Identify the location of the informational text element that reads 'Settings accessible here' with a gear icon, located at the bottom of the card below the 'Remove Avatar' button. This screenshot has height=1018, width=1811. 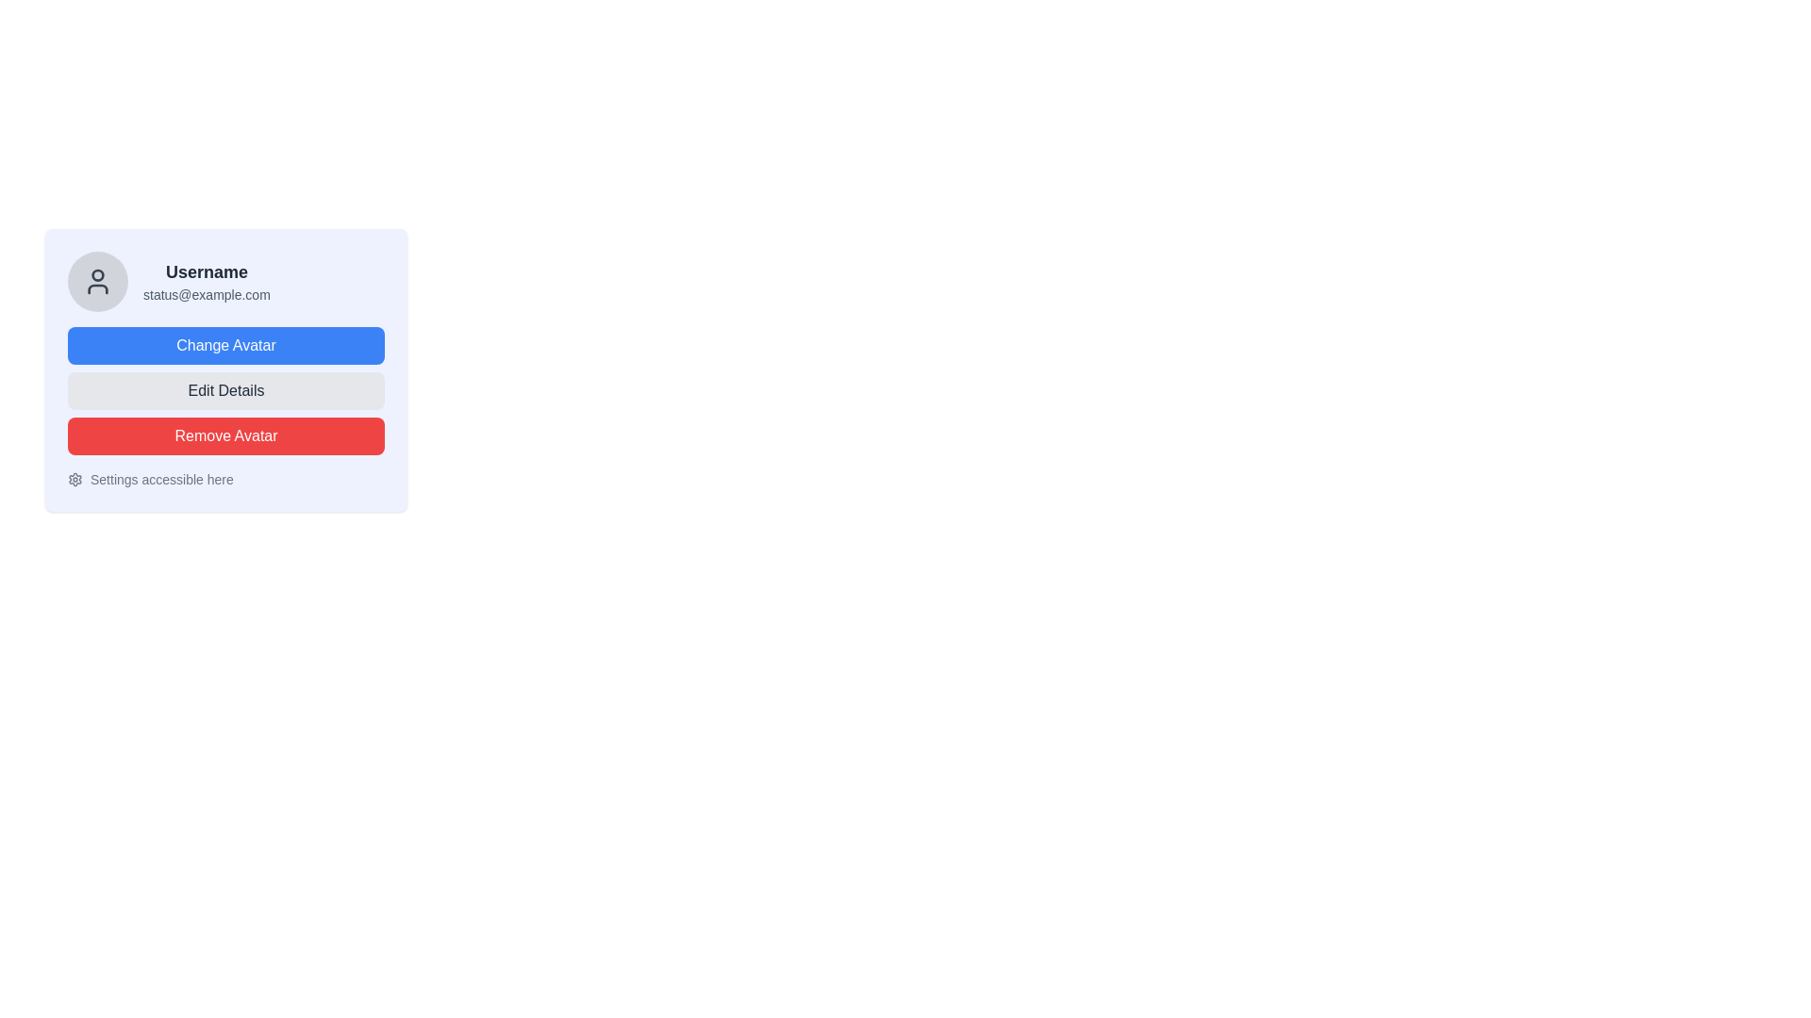
(226, 479).